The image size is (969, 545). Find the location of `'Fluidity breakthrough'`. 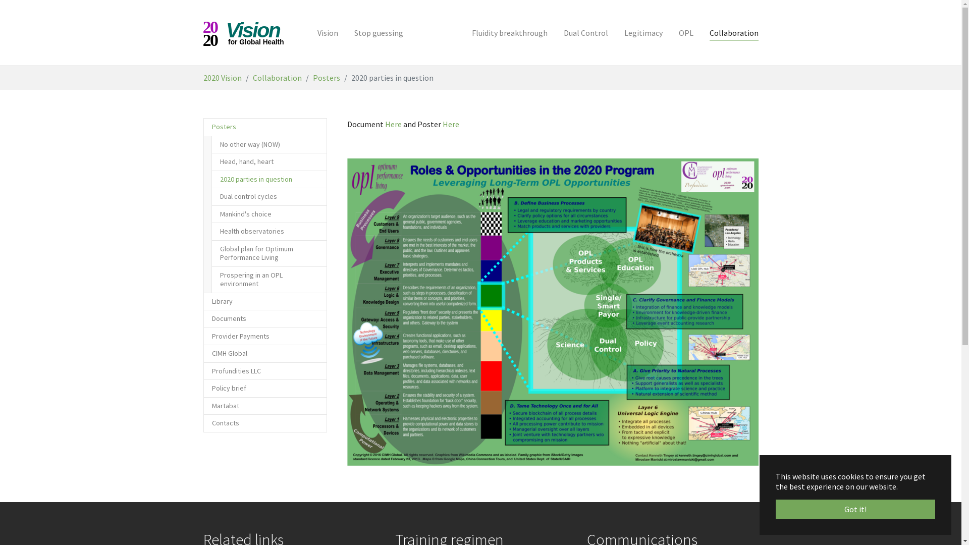

'Fluidity breakthrough' is located at coordinates (509, 32).